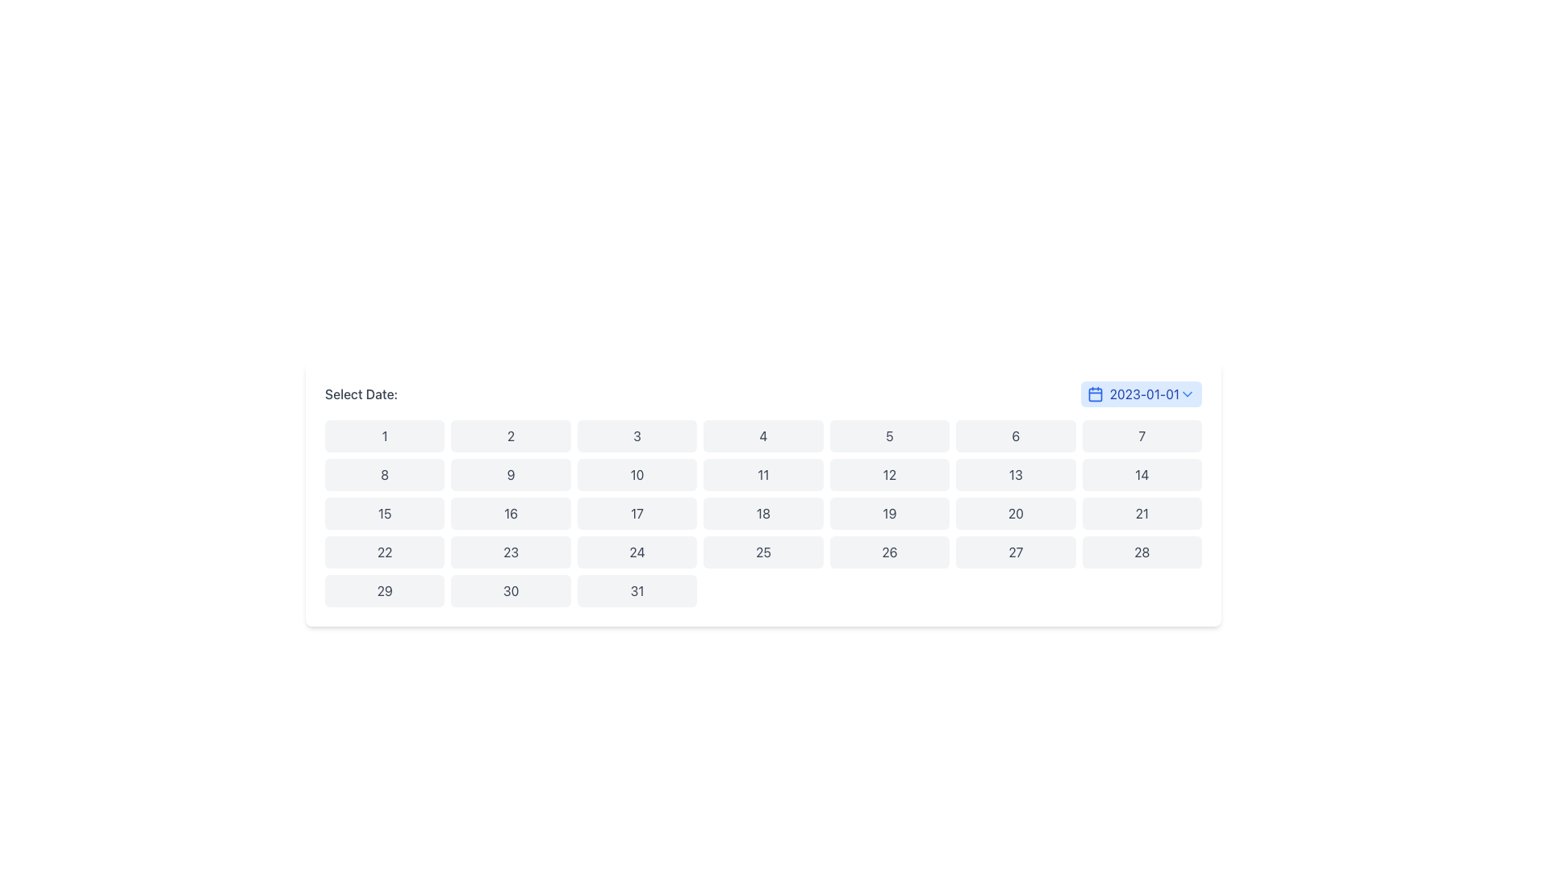 Image resolution: width=1549 pixels, height=871 pixels. What do you see at coordinates (1015, 552) in the screenshot?
I see `the button displaying the number '27' with a light gray background in the sixth row and fourth column of the grid layout` at bounding box center [1015, 552].